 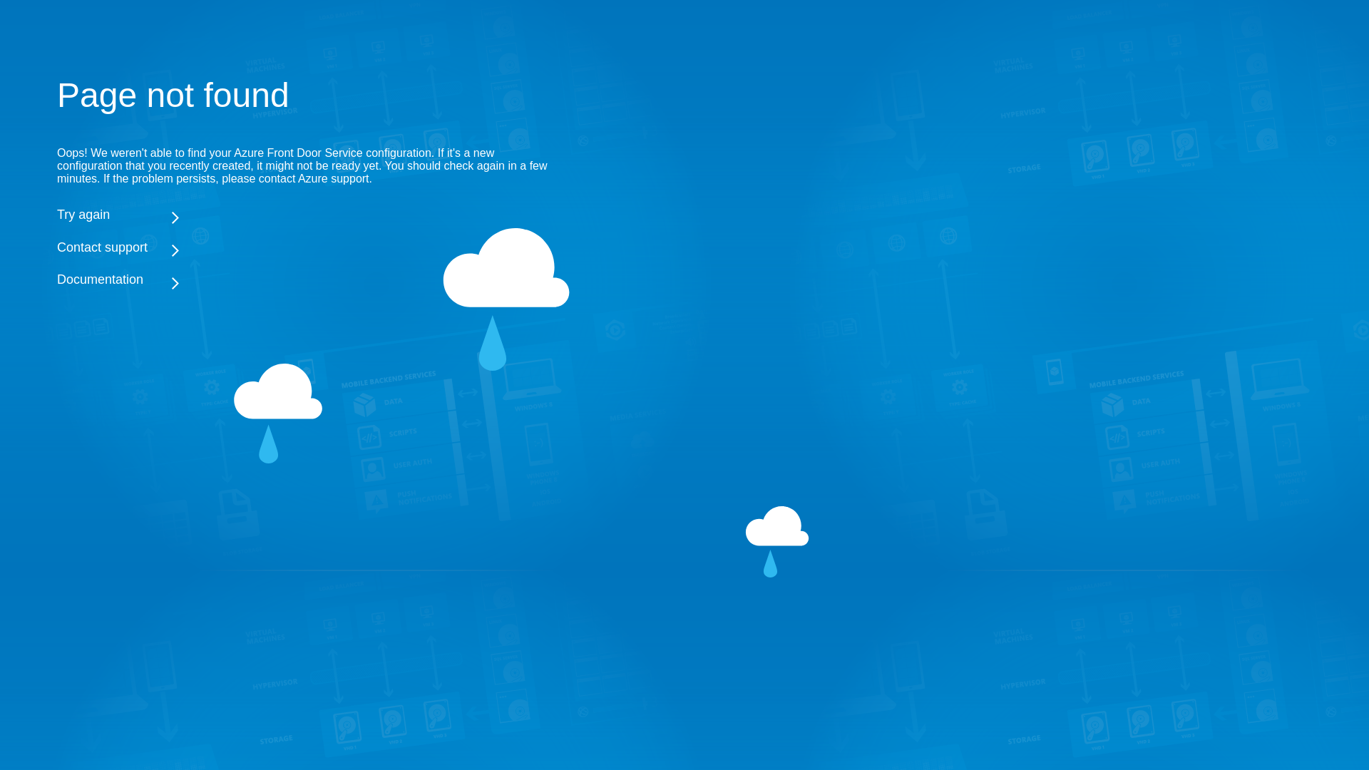 I want to click on 'Contact support', so click(x=306, y=247).